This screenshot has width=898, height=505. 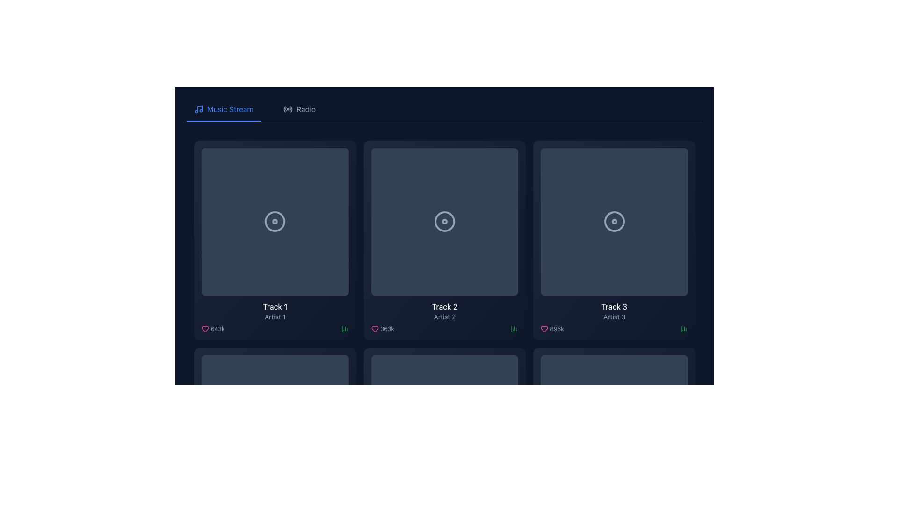 What do you see at coordinates (615, 222) in the screenshot?
I see `the play button icon (stylized as a triangle) located in the third column of the media items list to initiate playback of 'Track 3, Artist 3'` at bounding box center [615, 222].